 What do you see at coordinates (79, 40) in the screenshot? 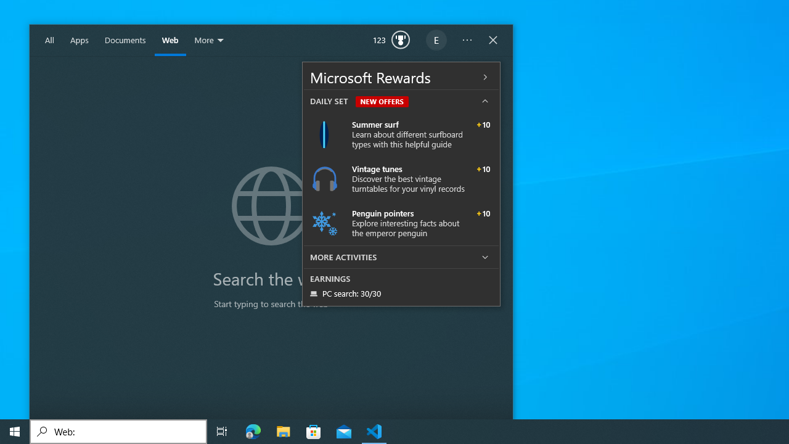
I see `'Apps'` at bounding box center [79, 40].